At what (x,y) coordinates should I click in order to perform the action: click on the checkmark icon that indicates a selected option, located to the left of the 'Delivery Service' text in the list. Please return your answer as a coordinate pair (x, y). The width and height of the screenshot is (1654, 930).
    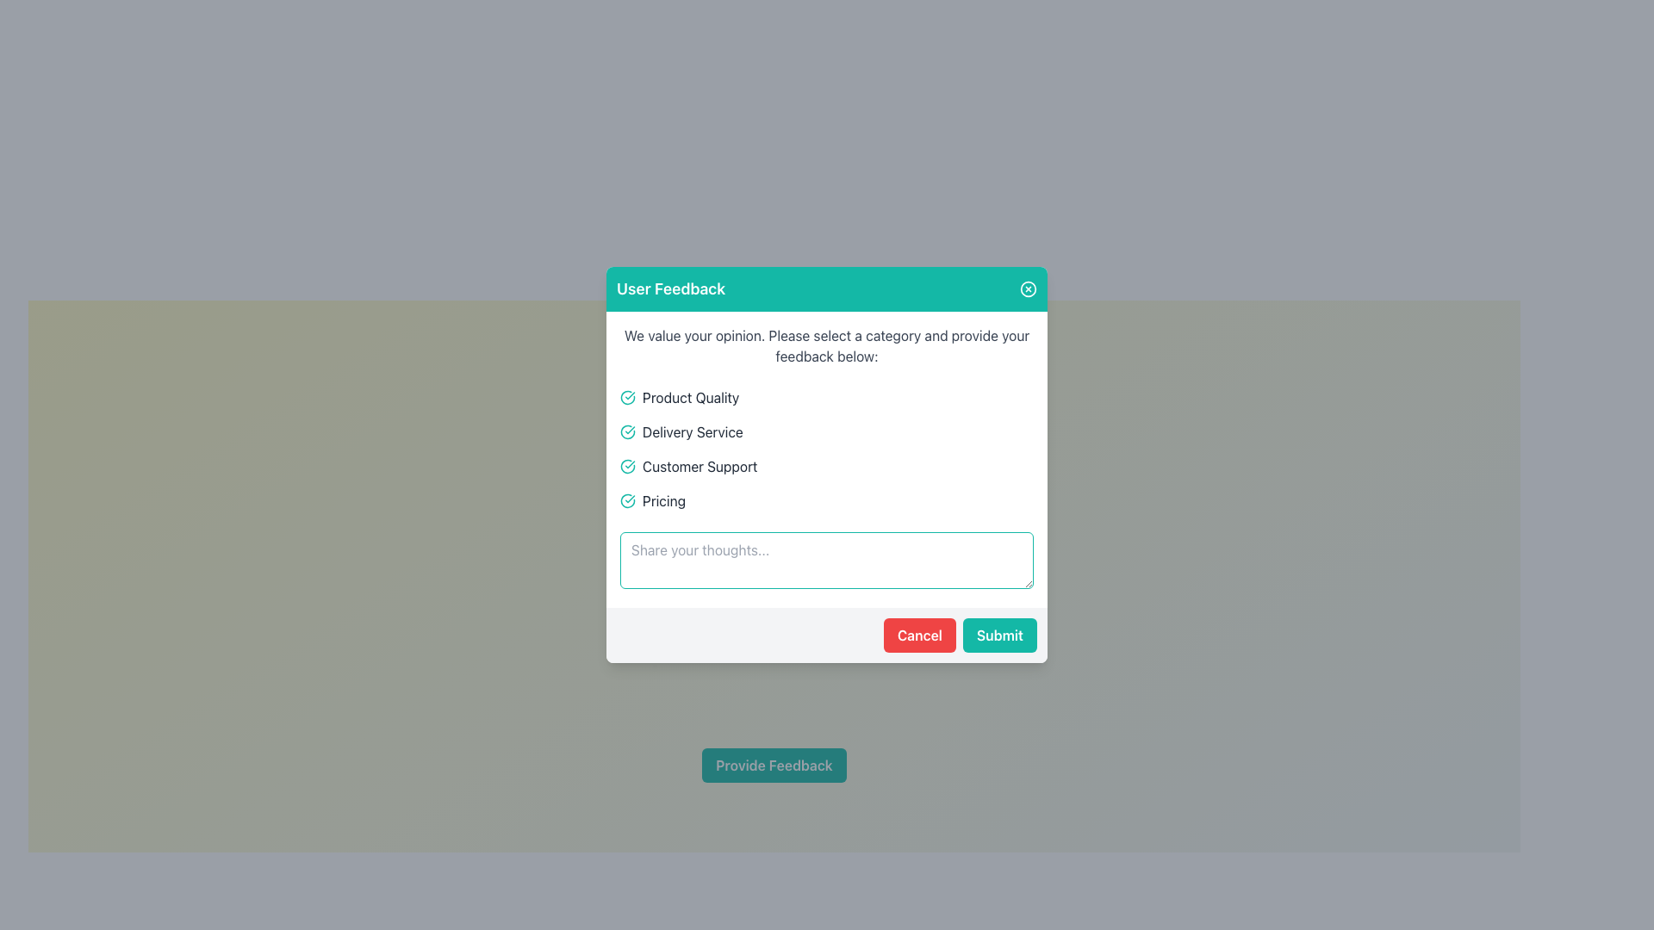
    Looking at the image, I should click on (627, 431).